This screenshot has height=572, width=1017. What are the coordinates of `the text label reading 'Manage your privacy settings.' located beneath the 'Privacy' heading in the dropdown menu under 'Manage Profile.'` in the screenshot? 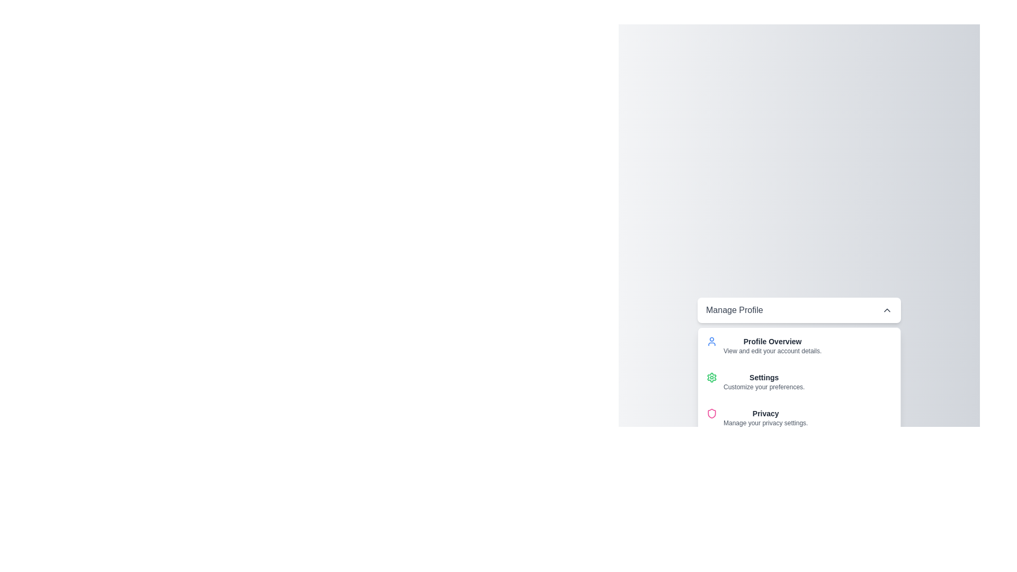 It's located at (765, 422).